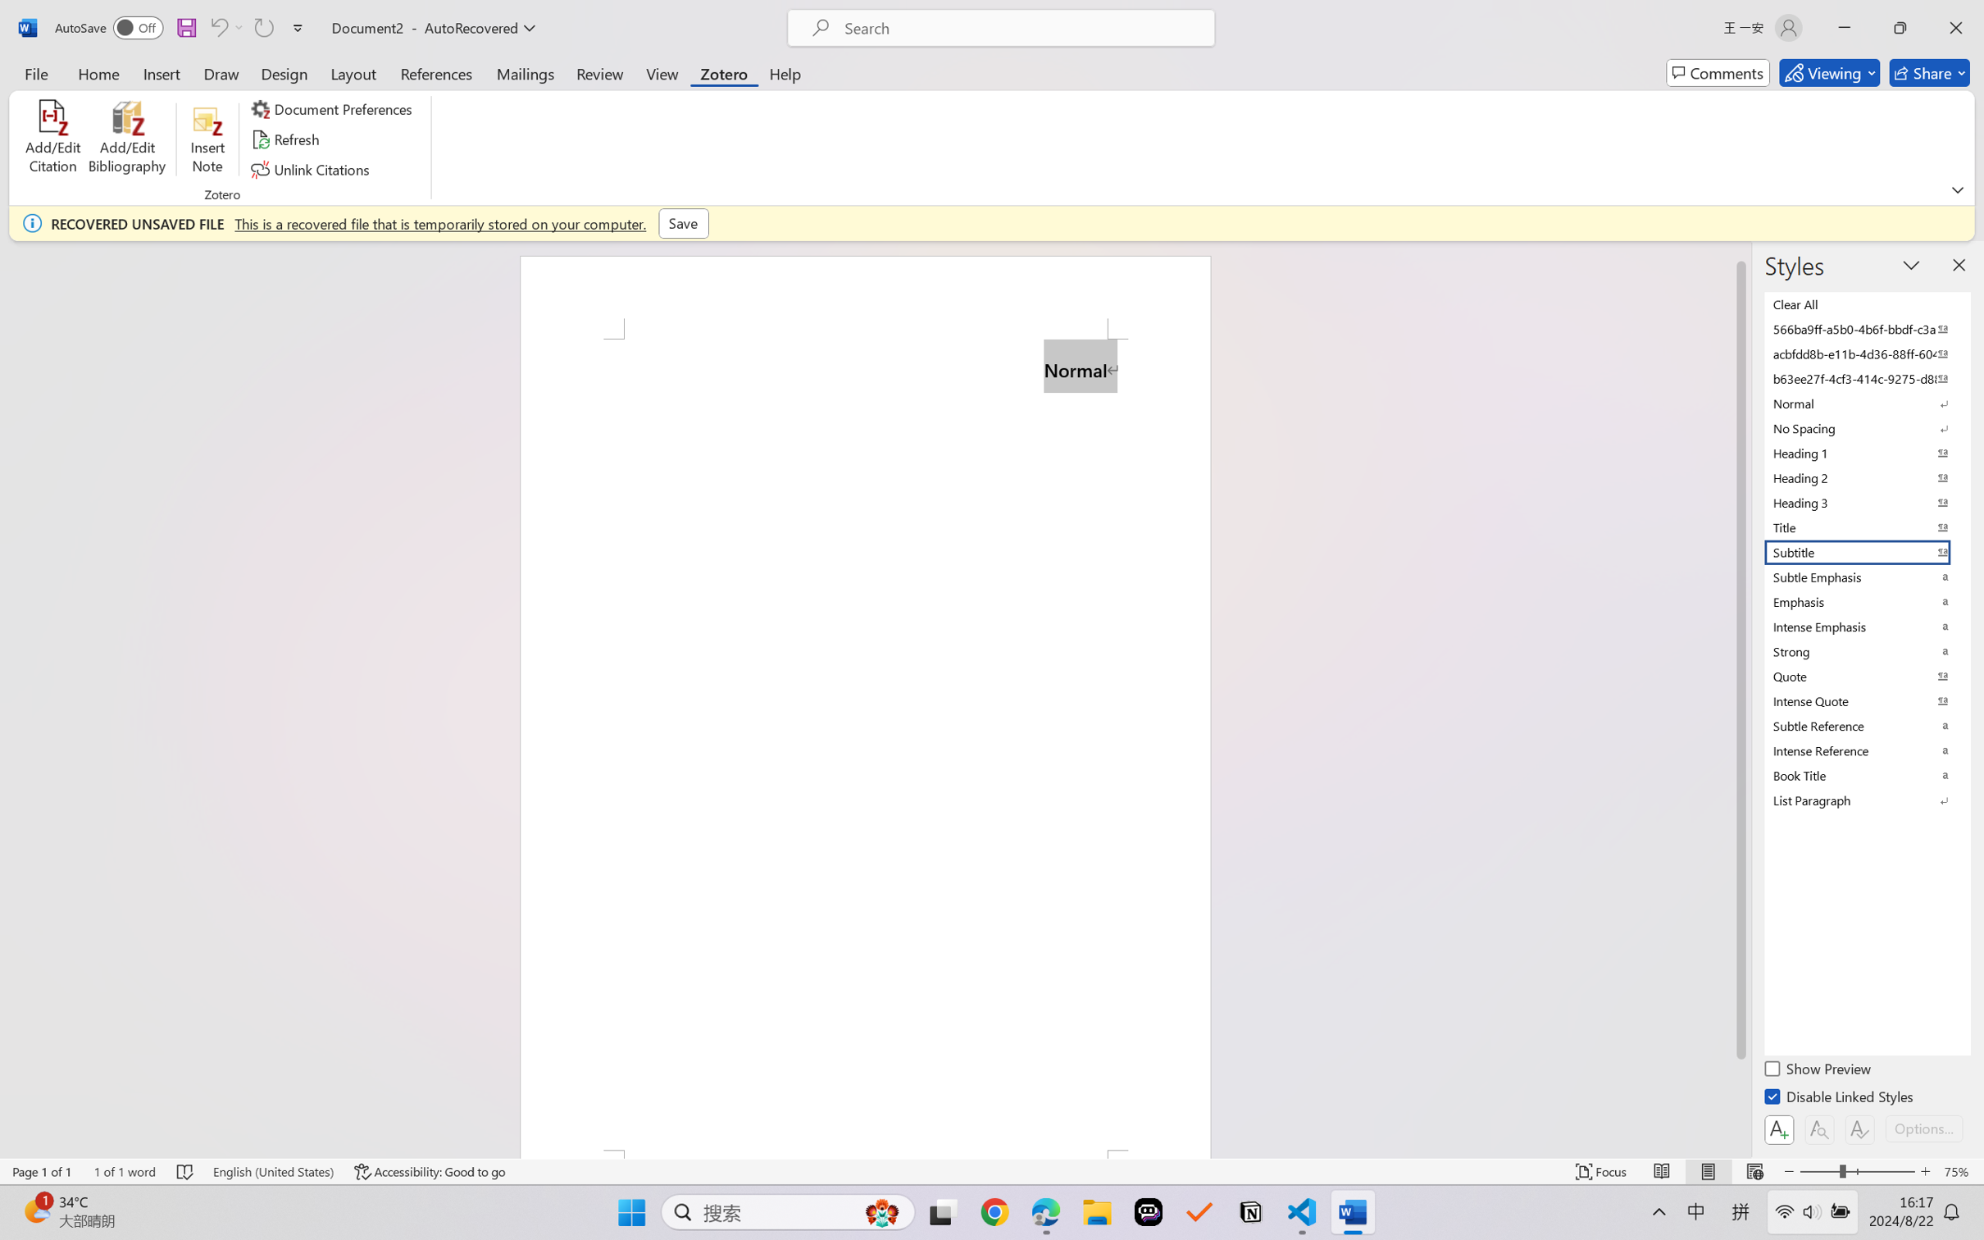 This screenshot has width=1984, height=1240. Describe the element at coordinates (333, 107) in the screenshot. I see `'Document Preferences'` at that location.